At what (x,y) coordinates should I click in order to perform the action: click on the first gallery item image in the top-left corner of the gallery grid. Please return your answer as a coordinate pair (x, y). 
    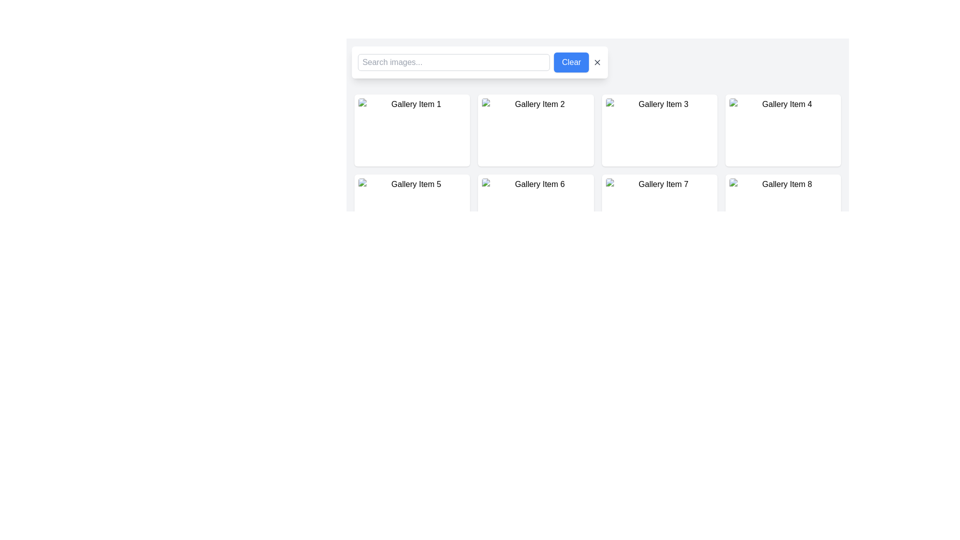
    Looking at the image, I should click on (412, 130).